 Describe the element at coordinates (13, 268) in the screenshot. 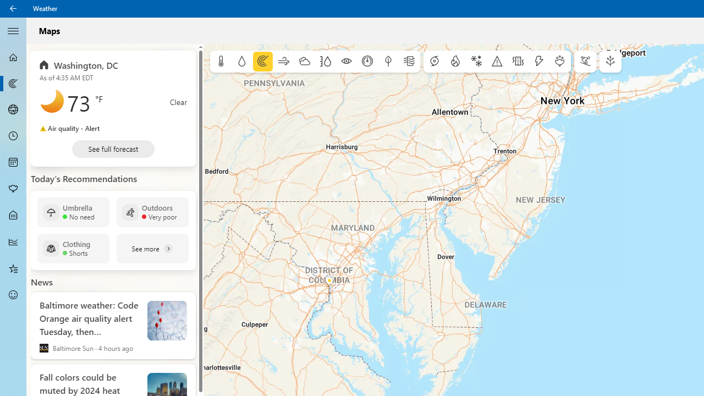

I see `'Favorites - Not Selected'` at that location.